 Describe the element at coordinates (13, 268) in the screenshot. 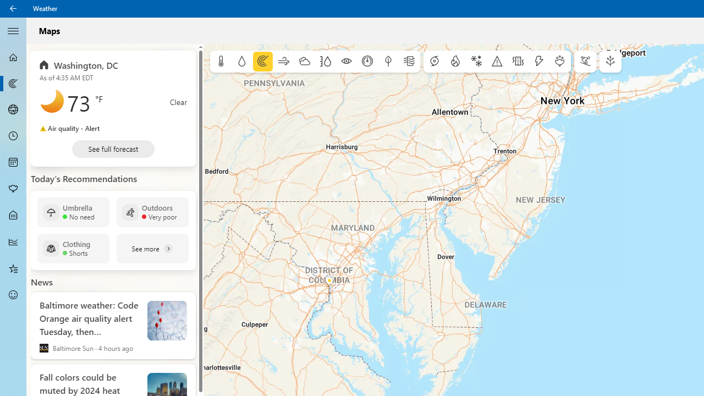

I see `'Favorites - Not Selected'` at that location.